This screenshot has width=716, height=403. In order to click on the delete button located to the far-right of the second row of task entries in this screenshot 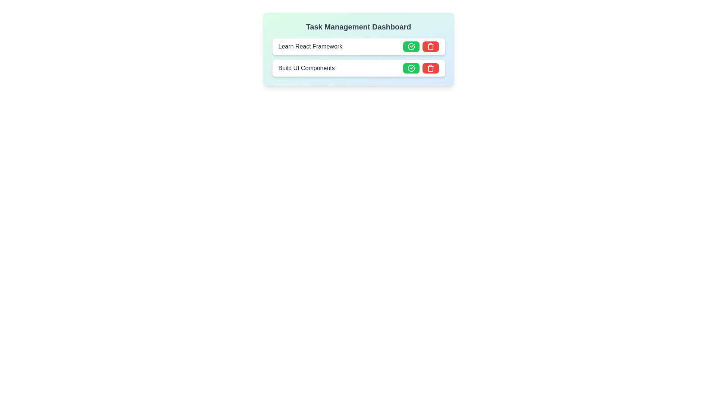, I will do `click(430, 46)`.